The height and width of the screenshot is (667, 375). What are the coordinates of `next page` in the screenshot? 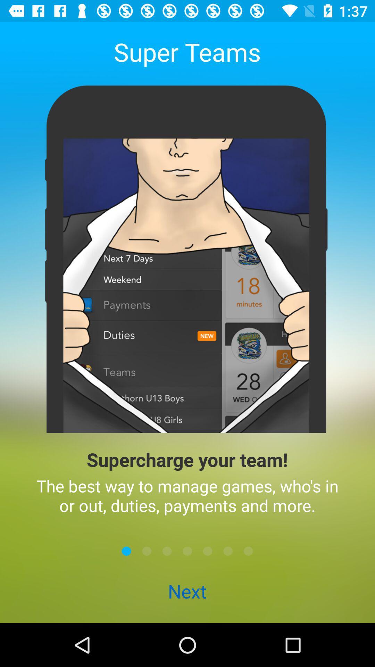 It's located at (207, 551).